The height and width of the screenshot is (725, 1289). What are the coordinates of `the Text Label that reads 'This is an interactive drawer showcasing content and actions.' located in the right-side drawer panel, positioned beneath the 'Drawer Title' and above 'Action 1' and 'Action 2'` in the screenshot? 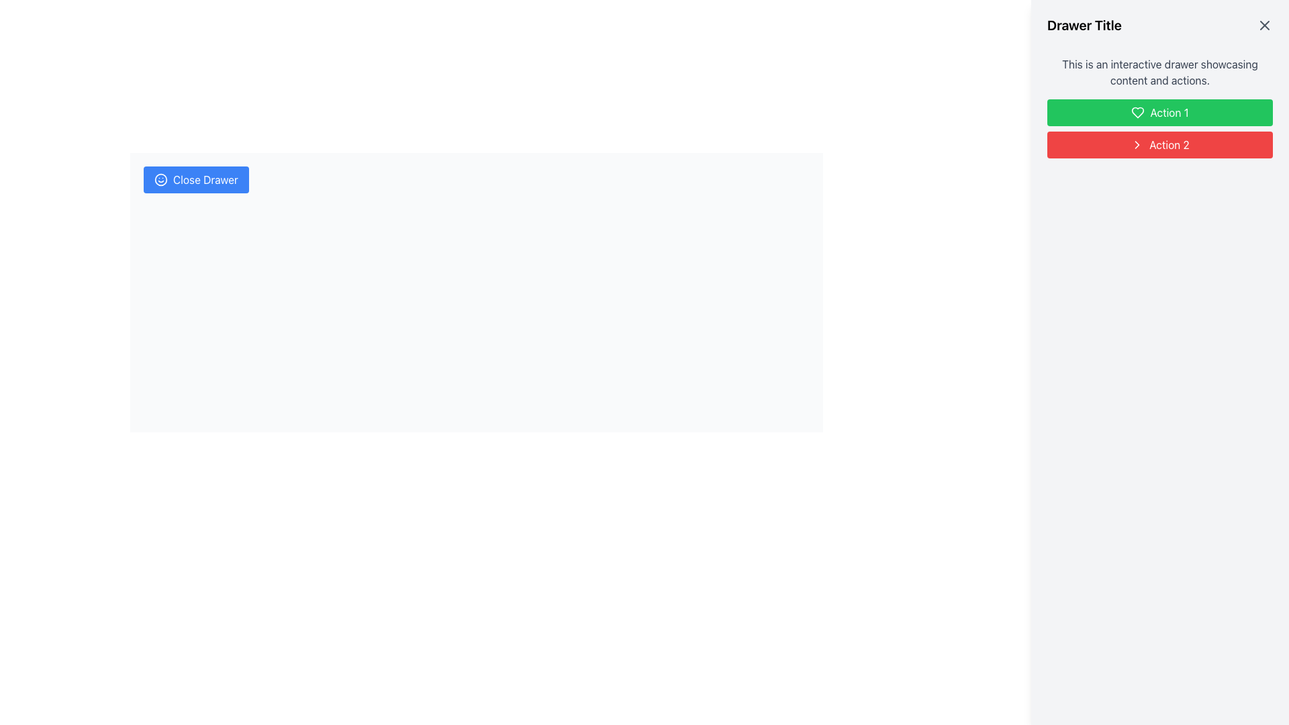 It's located at (1159, 72).